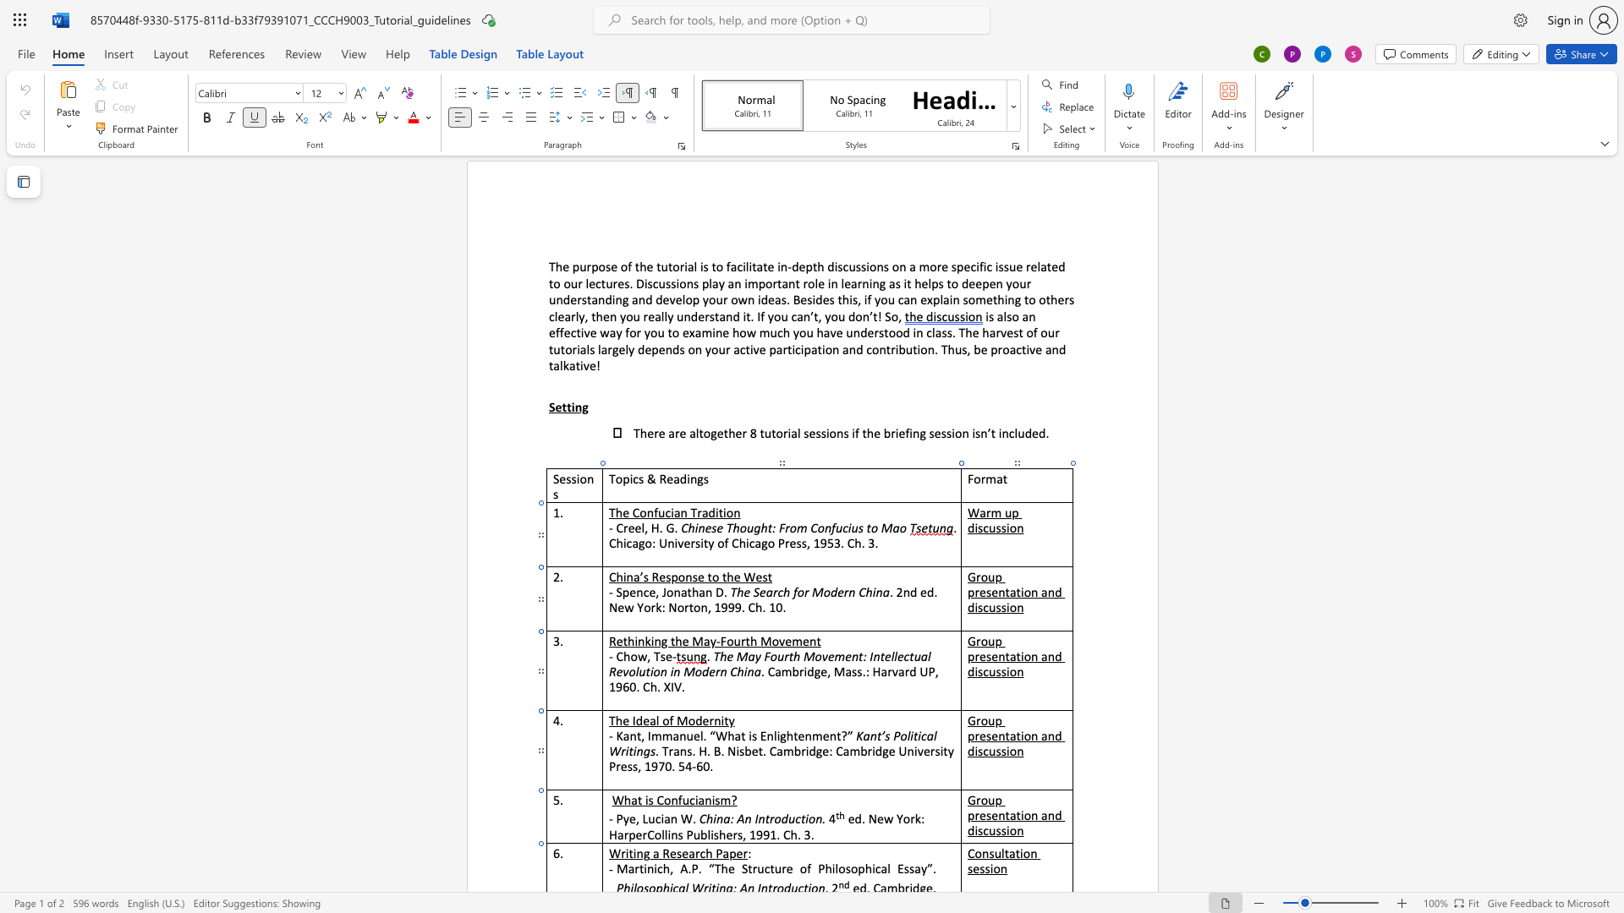 The height and width of the screenshot is (913, 1624). What do you see at coordinates (647, 868) in the screenshot?
I see `the space between the continuous character "i" and "n" in the text` at bounding box center [647, 868].